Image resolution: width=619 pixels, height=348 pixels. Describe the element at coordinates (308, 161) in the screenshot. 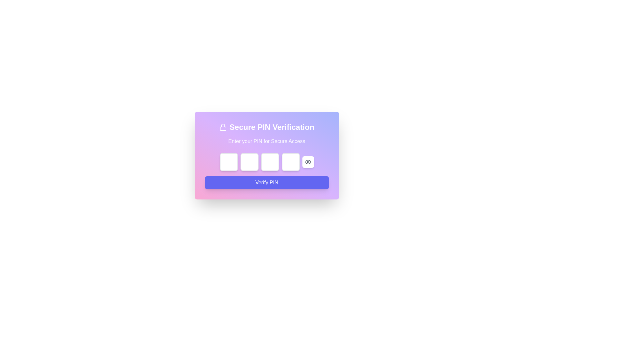

I see `the circular button with a white background and an eye icon` at that location.